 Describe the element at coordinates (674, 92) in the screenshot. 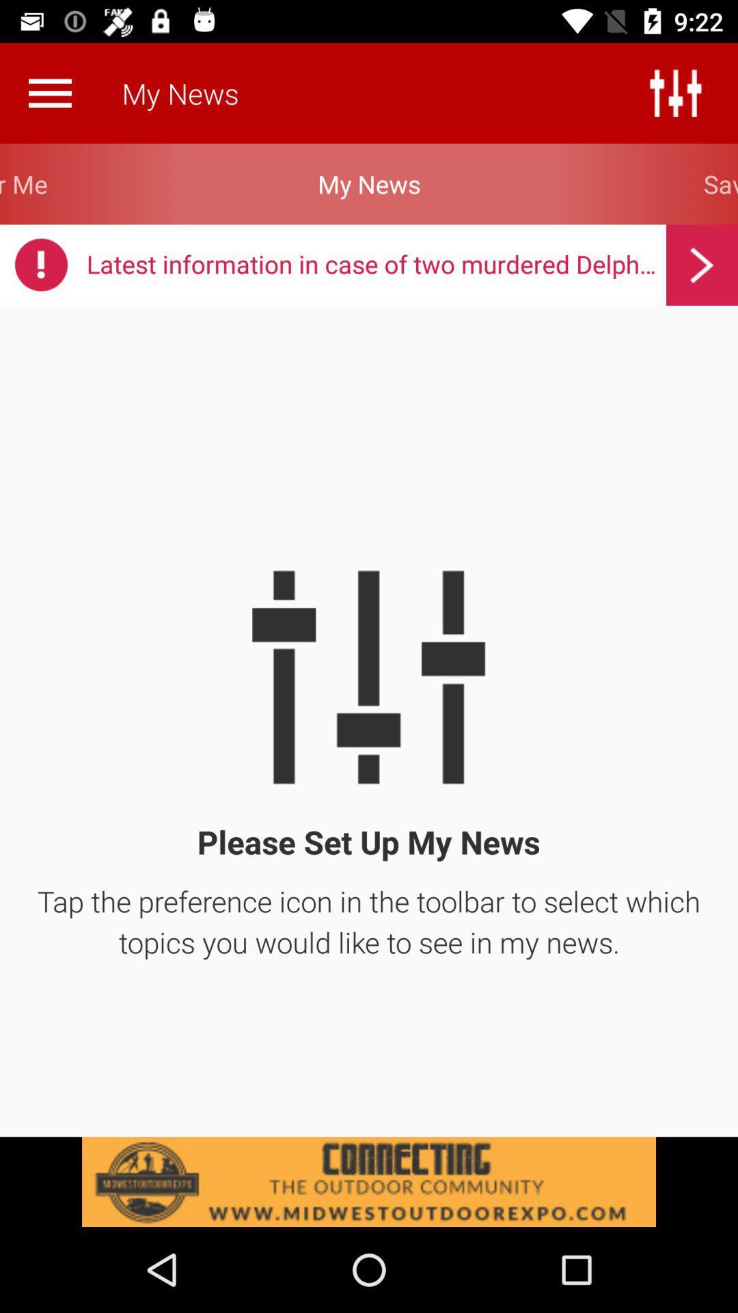

I see `the button at the top right corner of the page` at that location.